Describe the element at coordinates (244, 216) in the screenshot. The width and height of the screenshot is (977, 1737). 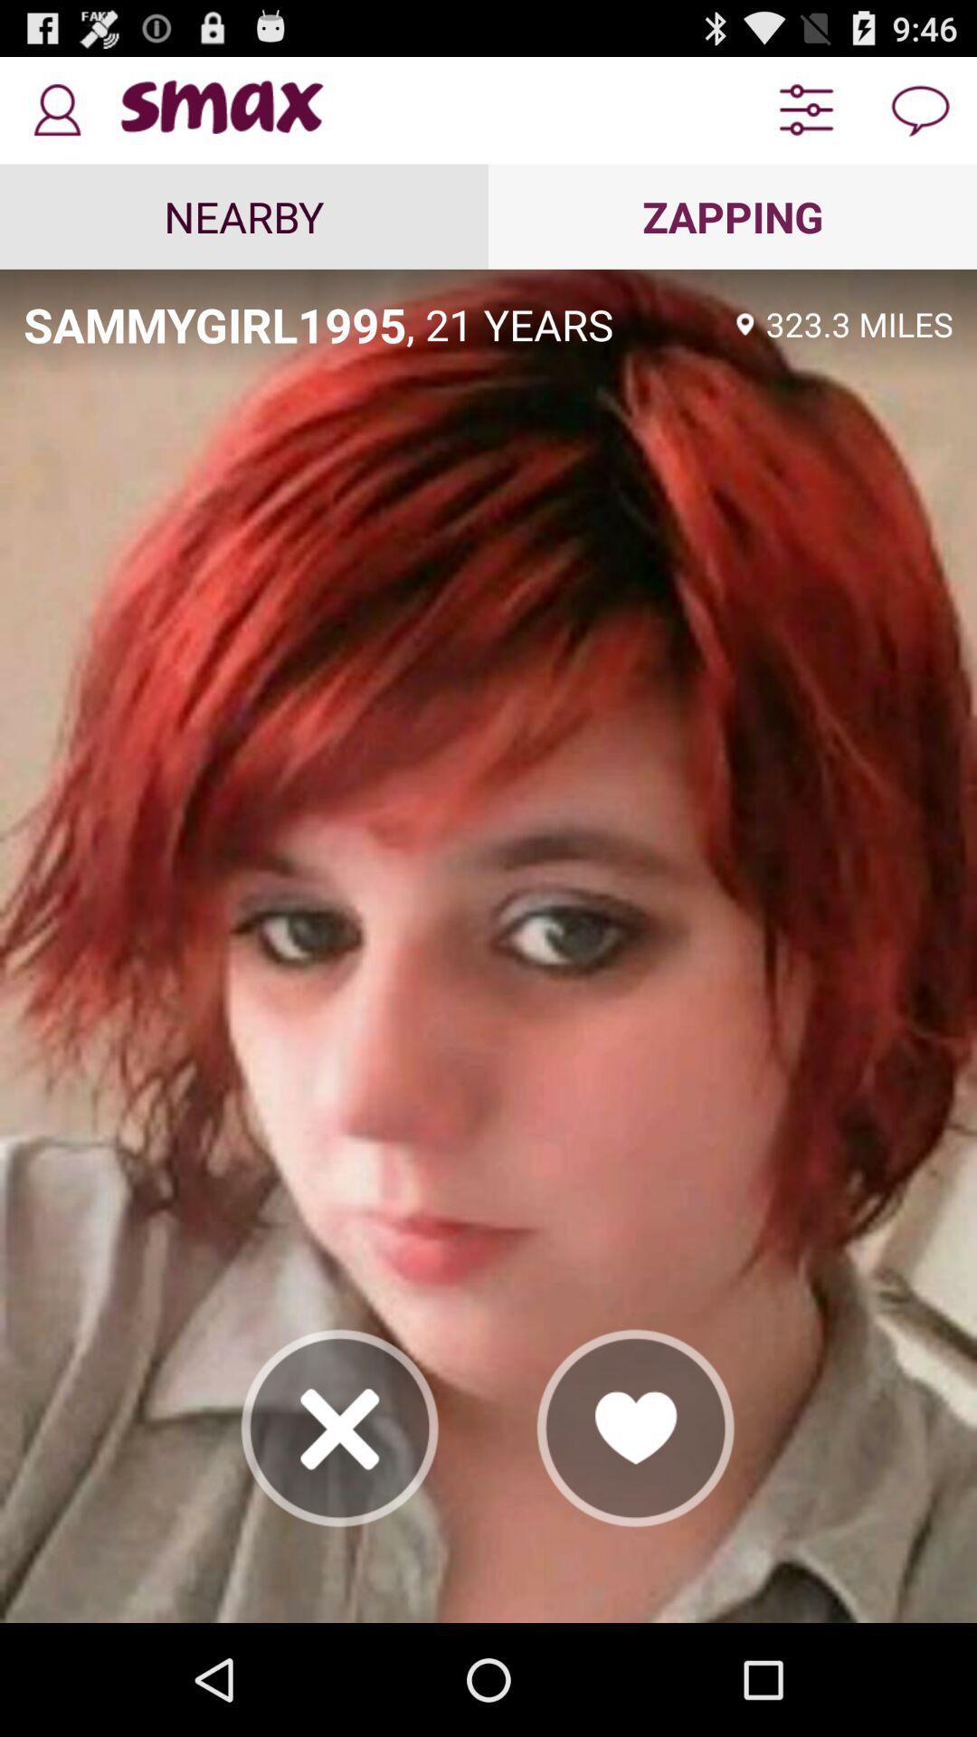
I see `nearby` at that location.